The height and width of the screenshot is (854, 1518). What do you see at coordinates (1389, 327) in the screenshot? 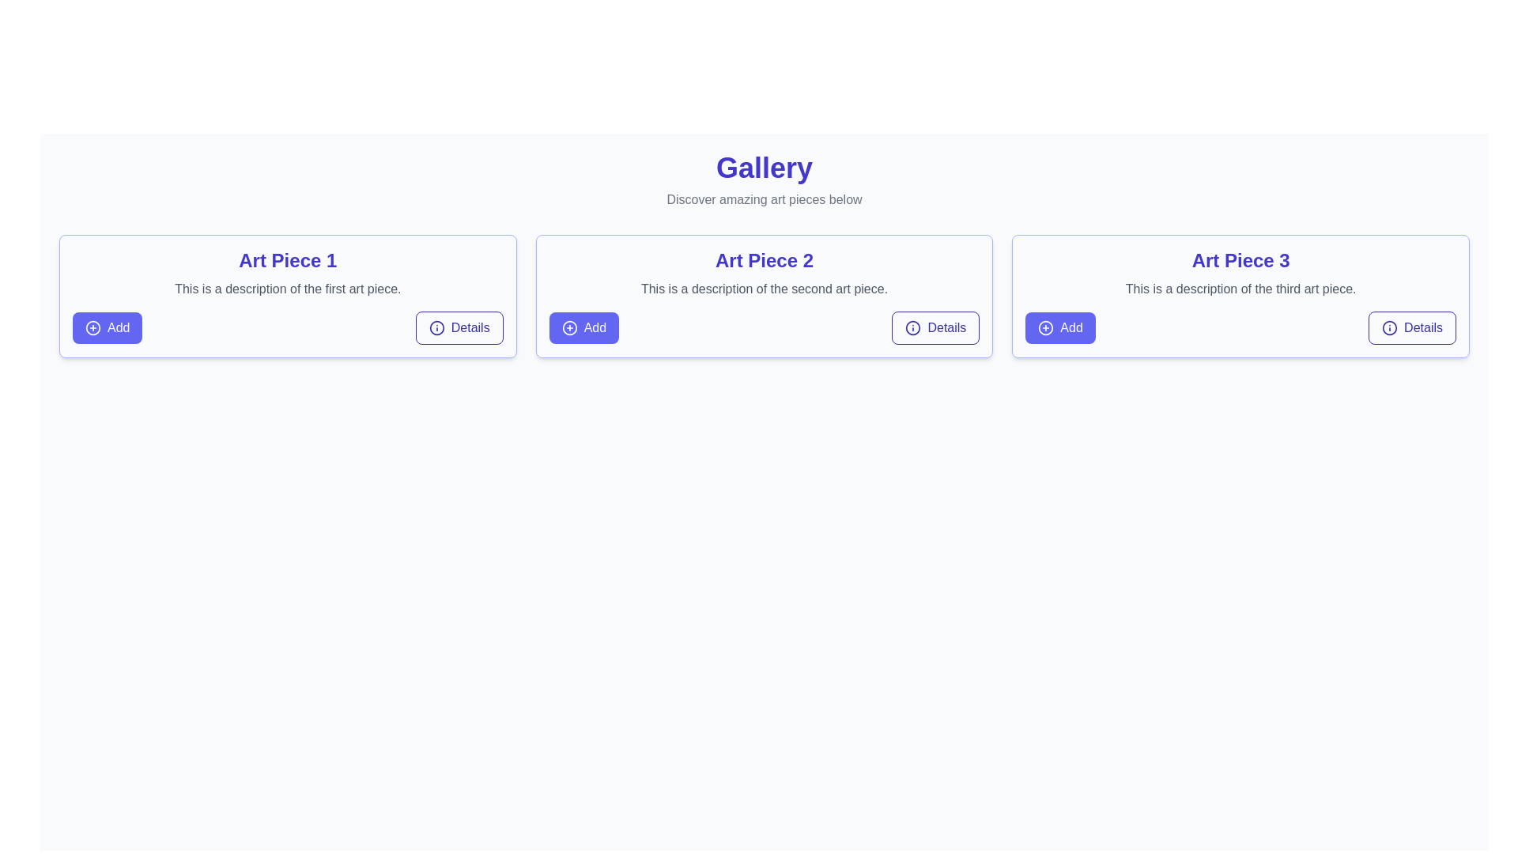
I see `the circular icon element that serves as the outer boundary of the information icon on the 'Details' button located in the third card titled 'Art Piece 3'` at bounding box center [1389, 327].